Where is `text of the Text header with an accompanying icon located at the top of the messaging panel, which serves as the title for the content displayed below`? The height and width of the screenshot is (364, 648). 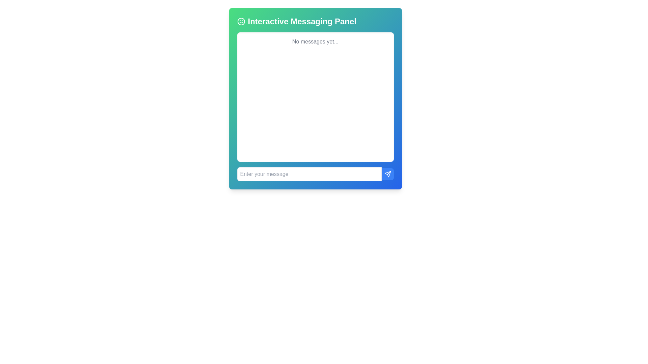 text of the Text header with an accompanying icon located at the top of the messaging panel, which serves as the title for the content displayed below is located at coordinates (315, 21).